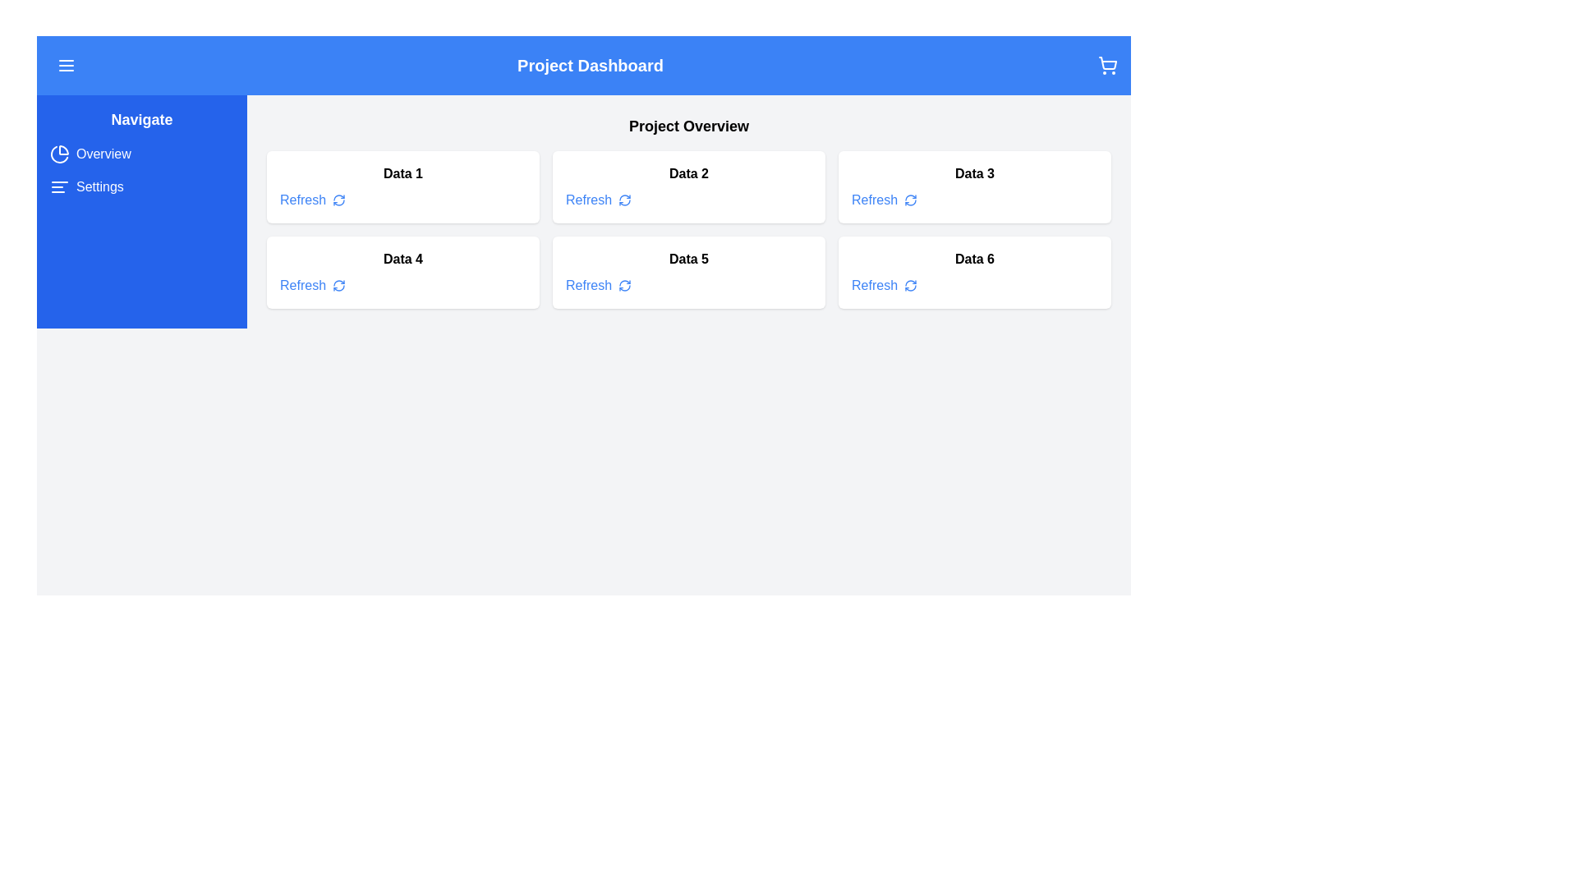 This screenshot has width=1577, height=887. Describe the element at coordinates (312, 199) in the screenshot. I see `the refresh button with accompanying icon located below the title 'Data 1' within its rectangular card` at that location.